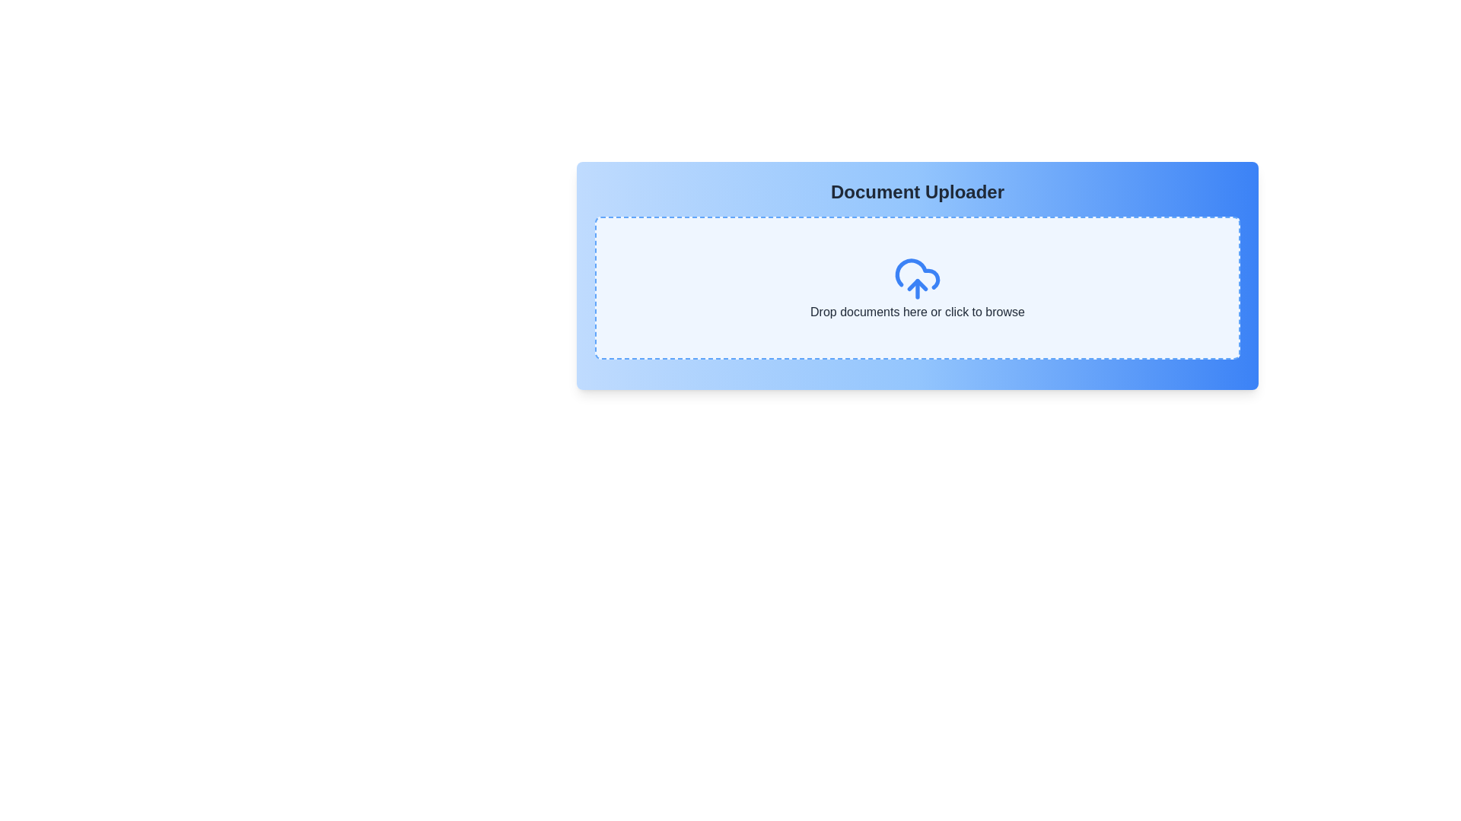 This screenshot has width=1461, height=821. I want to click on the 'Document Uploader' file upload area, which features a gradient background and a dashed-bordered inner box, so click(916, 275).